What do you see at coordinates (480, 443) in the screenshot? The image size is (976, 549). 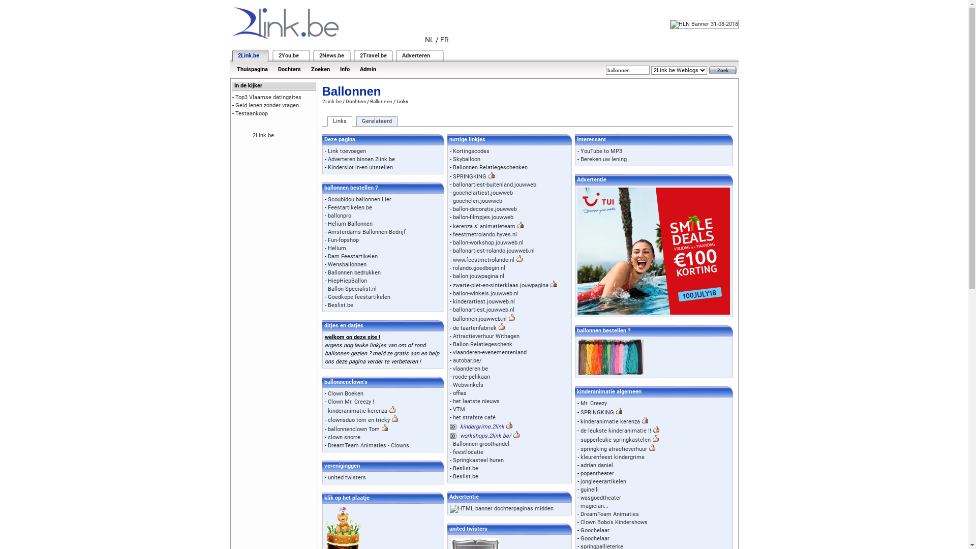 I see `'Ballonnen groothandel'` at bounding box center [480, 443].